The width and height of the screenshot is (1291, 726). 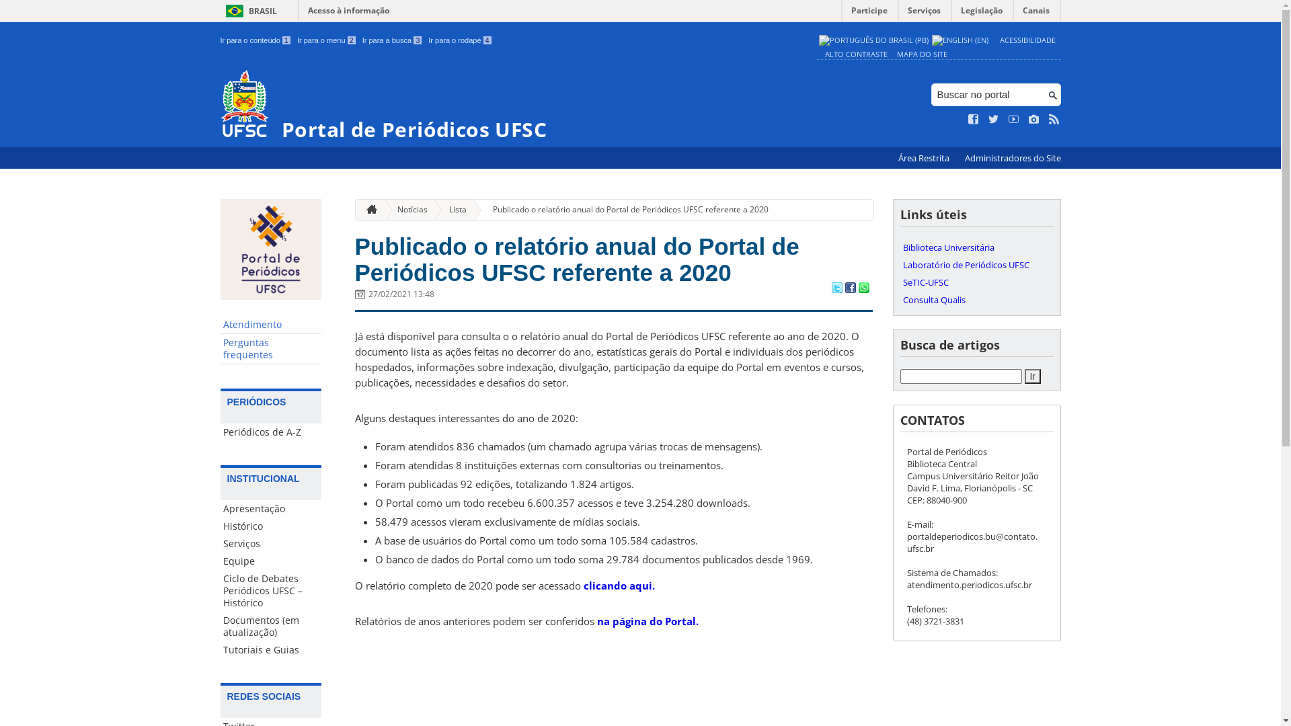 I want to click on 'ACESSIBILIDADE', so click(x=1027, y=39).